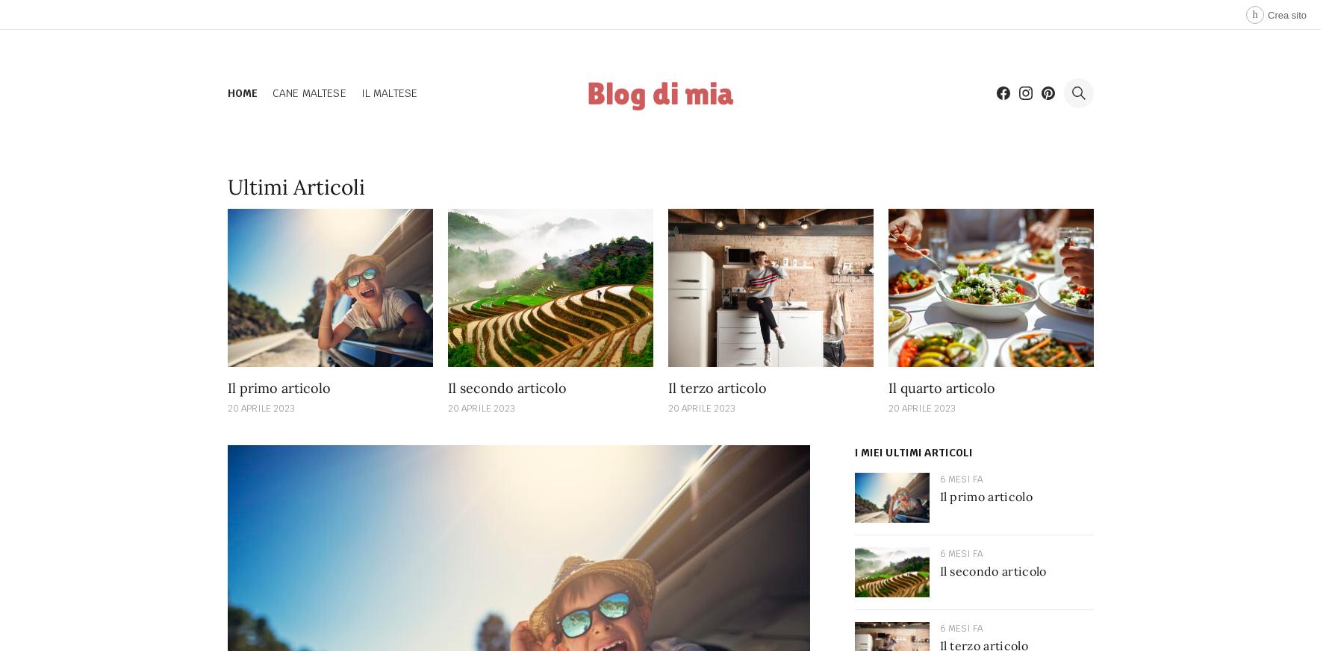 Image resolution: width=1332 pixels, height=651 pixels. What do you see at coordinates (388, 92) in the screenshot?
I see `'il maltese'` at bounding box center [388, 92].